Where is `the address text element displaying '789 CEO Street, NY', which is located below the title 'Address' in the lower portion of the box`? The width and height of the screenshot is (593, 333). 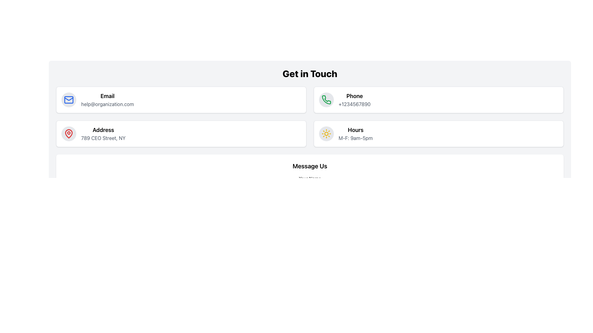 the address text element displaying '789 CEO Street, NY', which is located below the title 'Address' in the lower portion of the box is located at coordinates (103, 138).